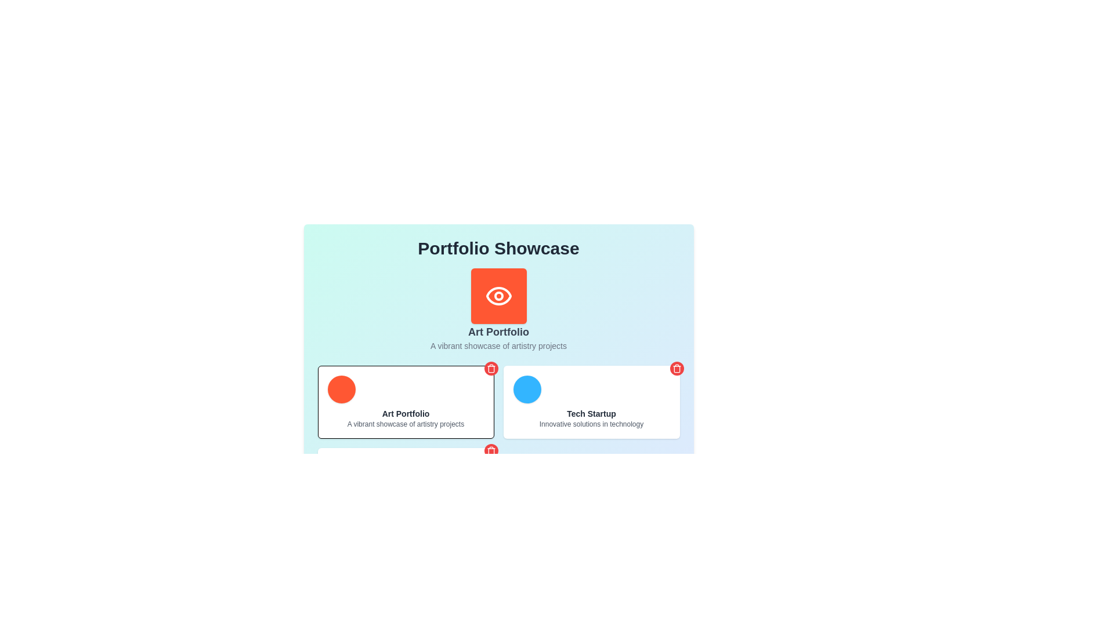 This screenshot has height=626, width=1114. I want to click on the descriptive text that reads 'A vibrant showcase of artistry projects', which is styled in light gray color and positioned below the title 'Art Portfolio' within a card-like component, so click(406, 424).